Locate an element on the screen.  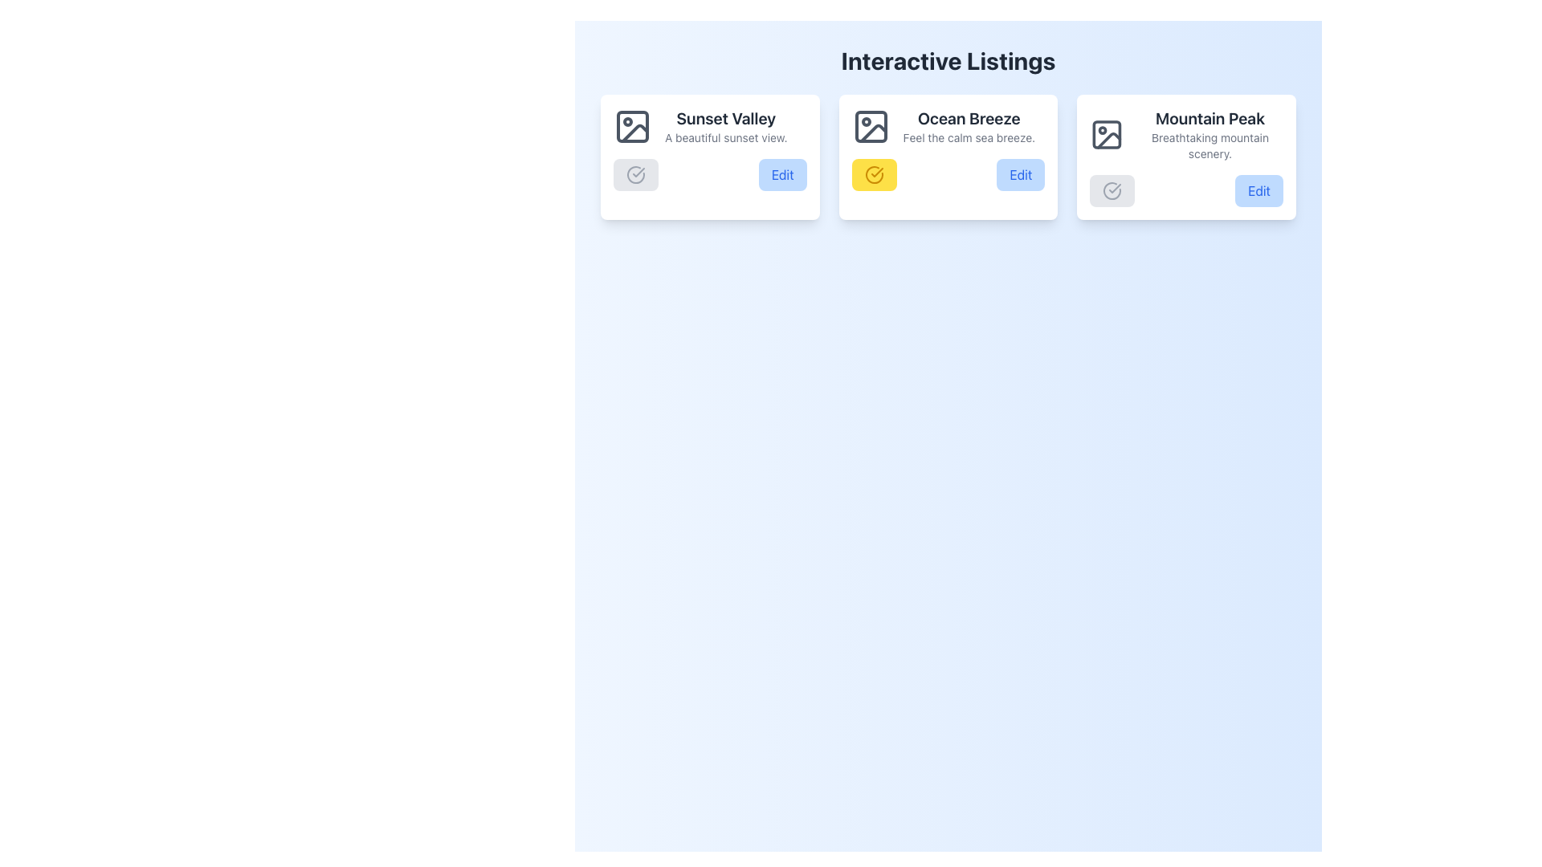
the checkmark icon located within the yellow circular badge in the bottom-left corner of the 'Ocean Breeze' card is located at coordinates (876, 173).